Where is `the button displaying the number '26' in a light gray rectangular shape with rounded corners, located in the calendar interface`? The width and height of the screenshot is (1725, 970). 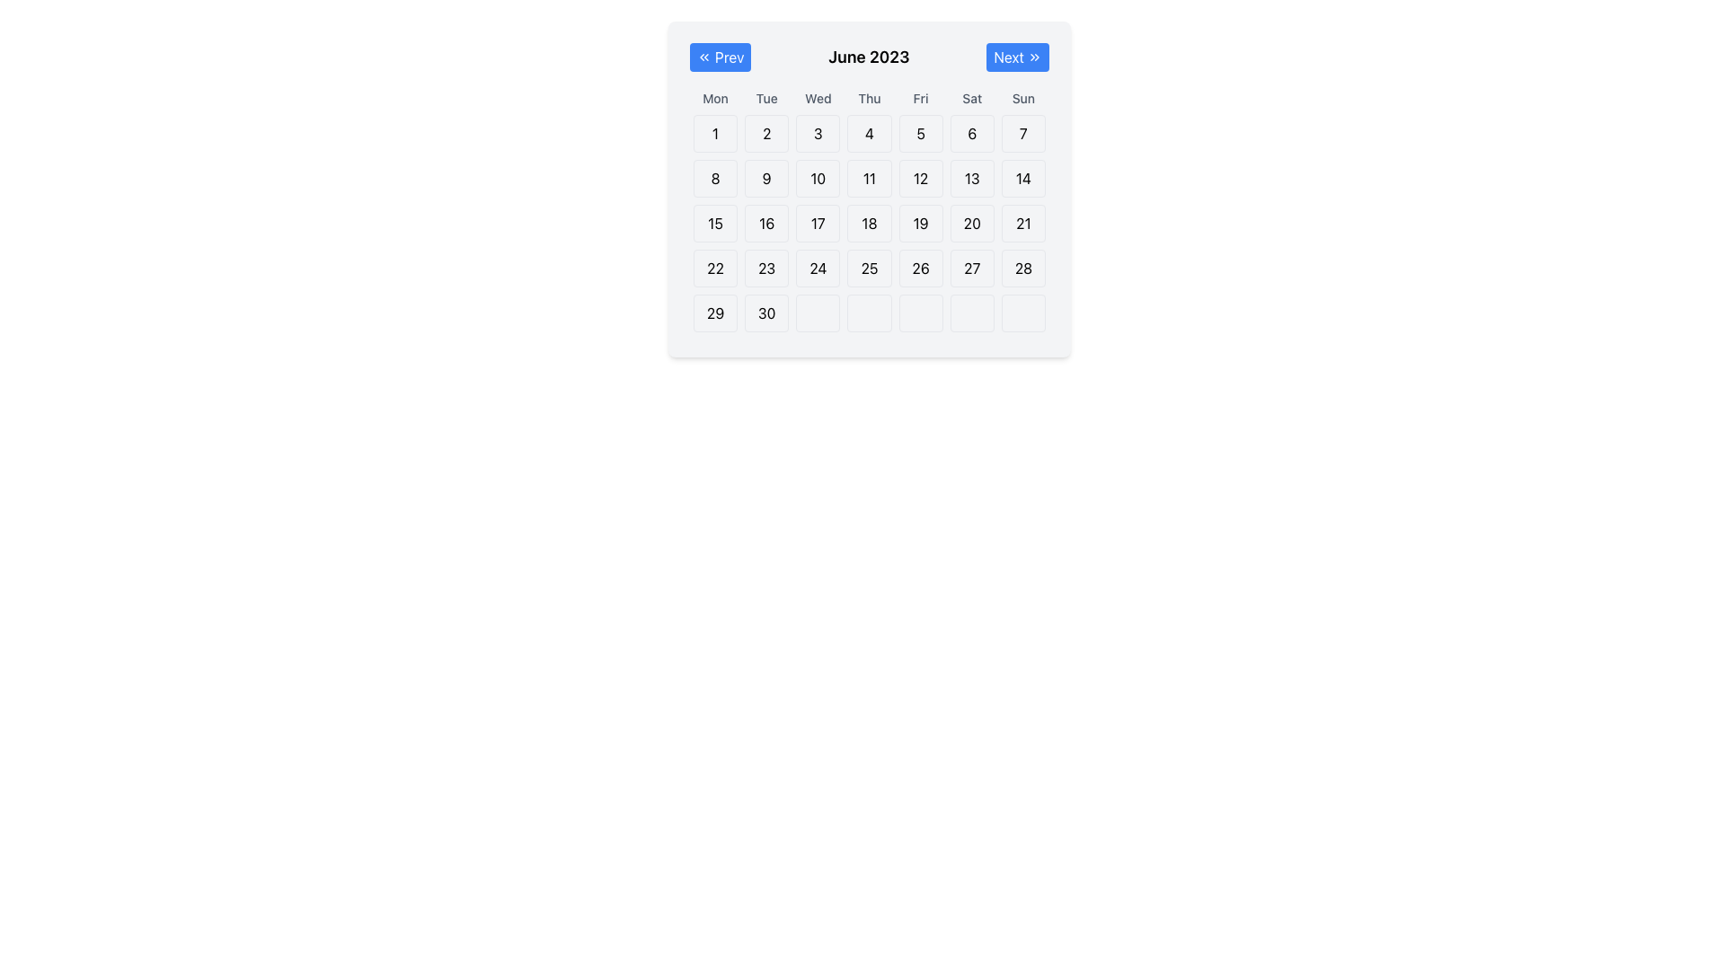
the button displaying the number '26' in a light gray rectangular shape with rounded corners, located in the calendar interface is located at coordinates (921, 269).